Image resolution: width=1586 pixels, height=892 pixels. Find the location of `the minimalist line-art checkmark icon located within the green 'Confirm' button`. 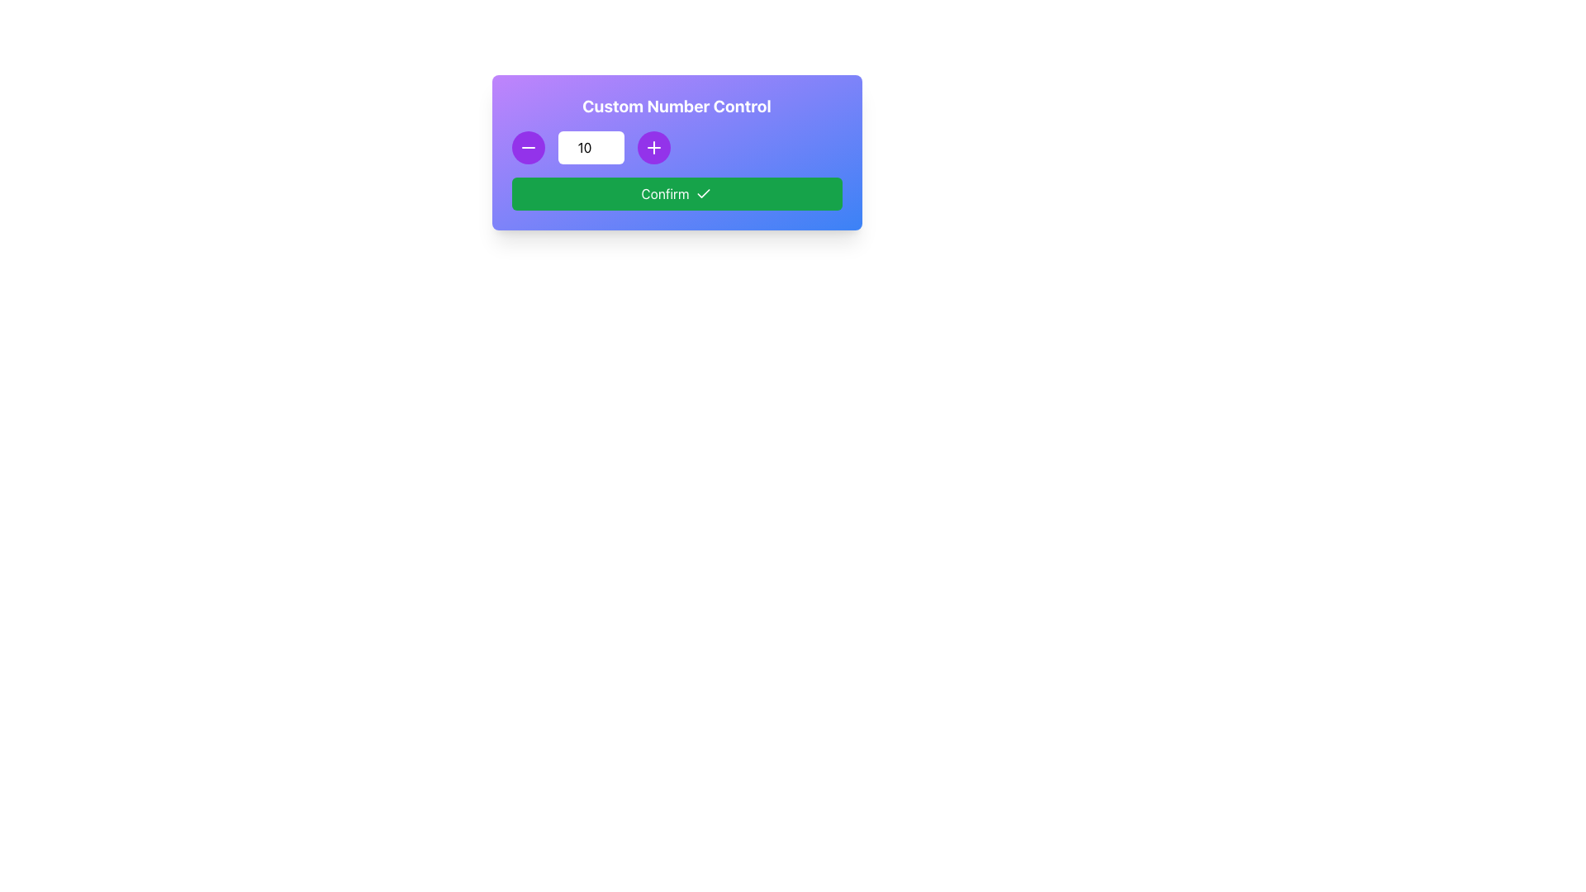

the minimalist line-art checkmark icon located within the green 'Confirm' button is located at coordinates (704, 193).